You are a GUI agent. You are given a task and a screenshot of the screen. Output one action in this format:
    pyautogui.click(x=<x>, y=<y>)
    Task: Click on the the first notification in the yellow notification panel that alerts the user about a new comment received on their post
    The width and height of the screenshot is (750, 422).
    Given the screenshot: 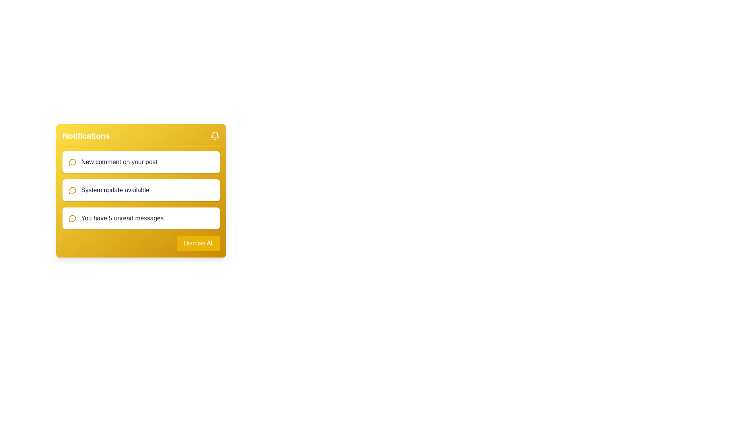 What is the action you would take?
    pyautogui.click(x=141, y=162)
    